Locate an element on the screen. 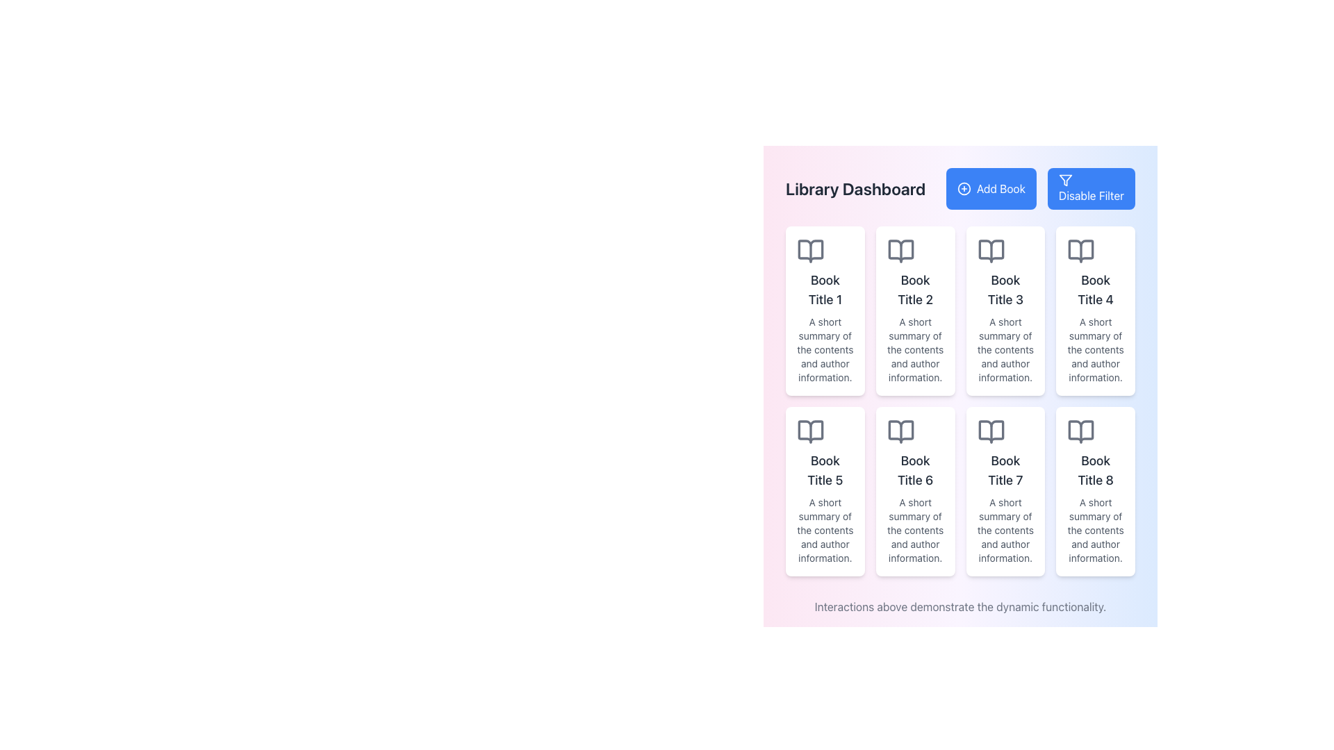  the icon representing the card labeled 'Book Title 7' located in the second row and third column of the grid, which indicates book or library-related content is located at coordinates (990, 431).